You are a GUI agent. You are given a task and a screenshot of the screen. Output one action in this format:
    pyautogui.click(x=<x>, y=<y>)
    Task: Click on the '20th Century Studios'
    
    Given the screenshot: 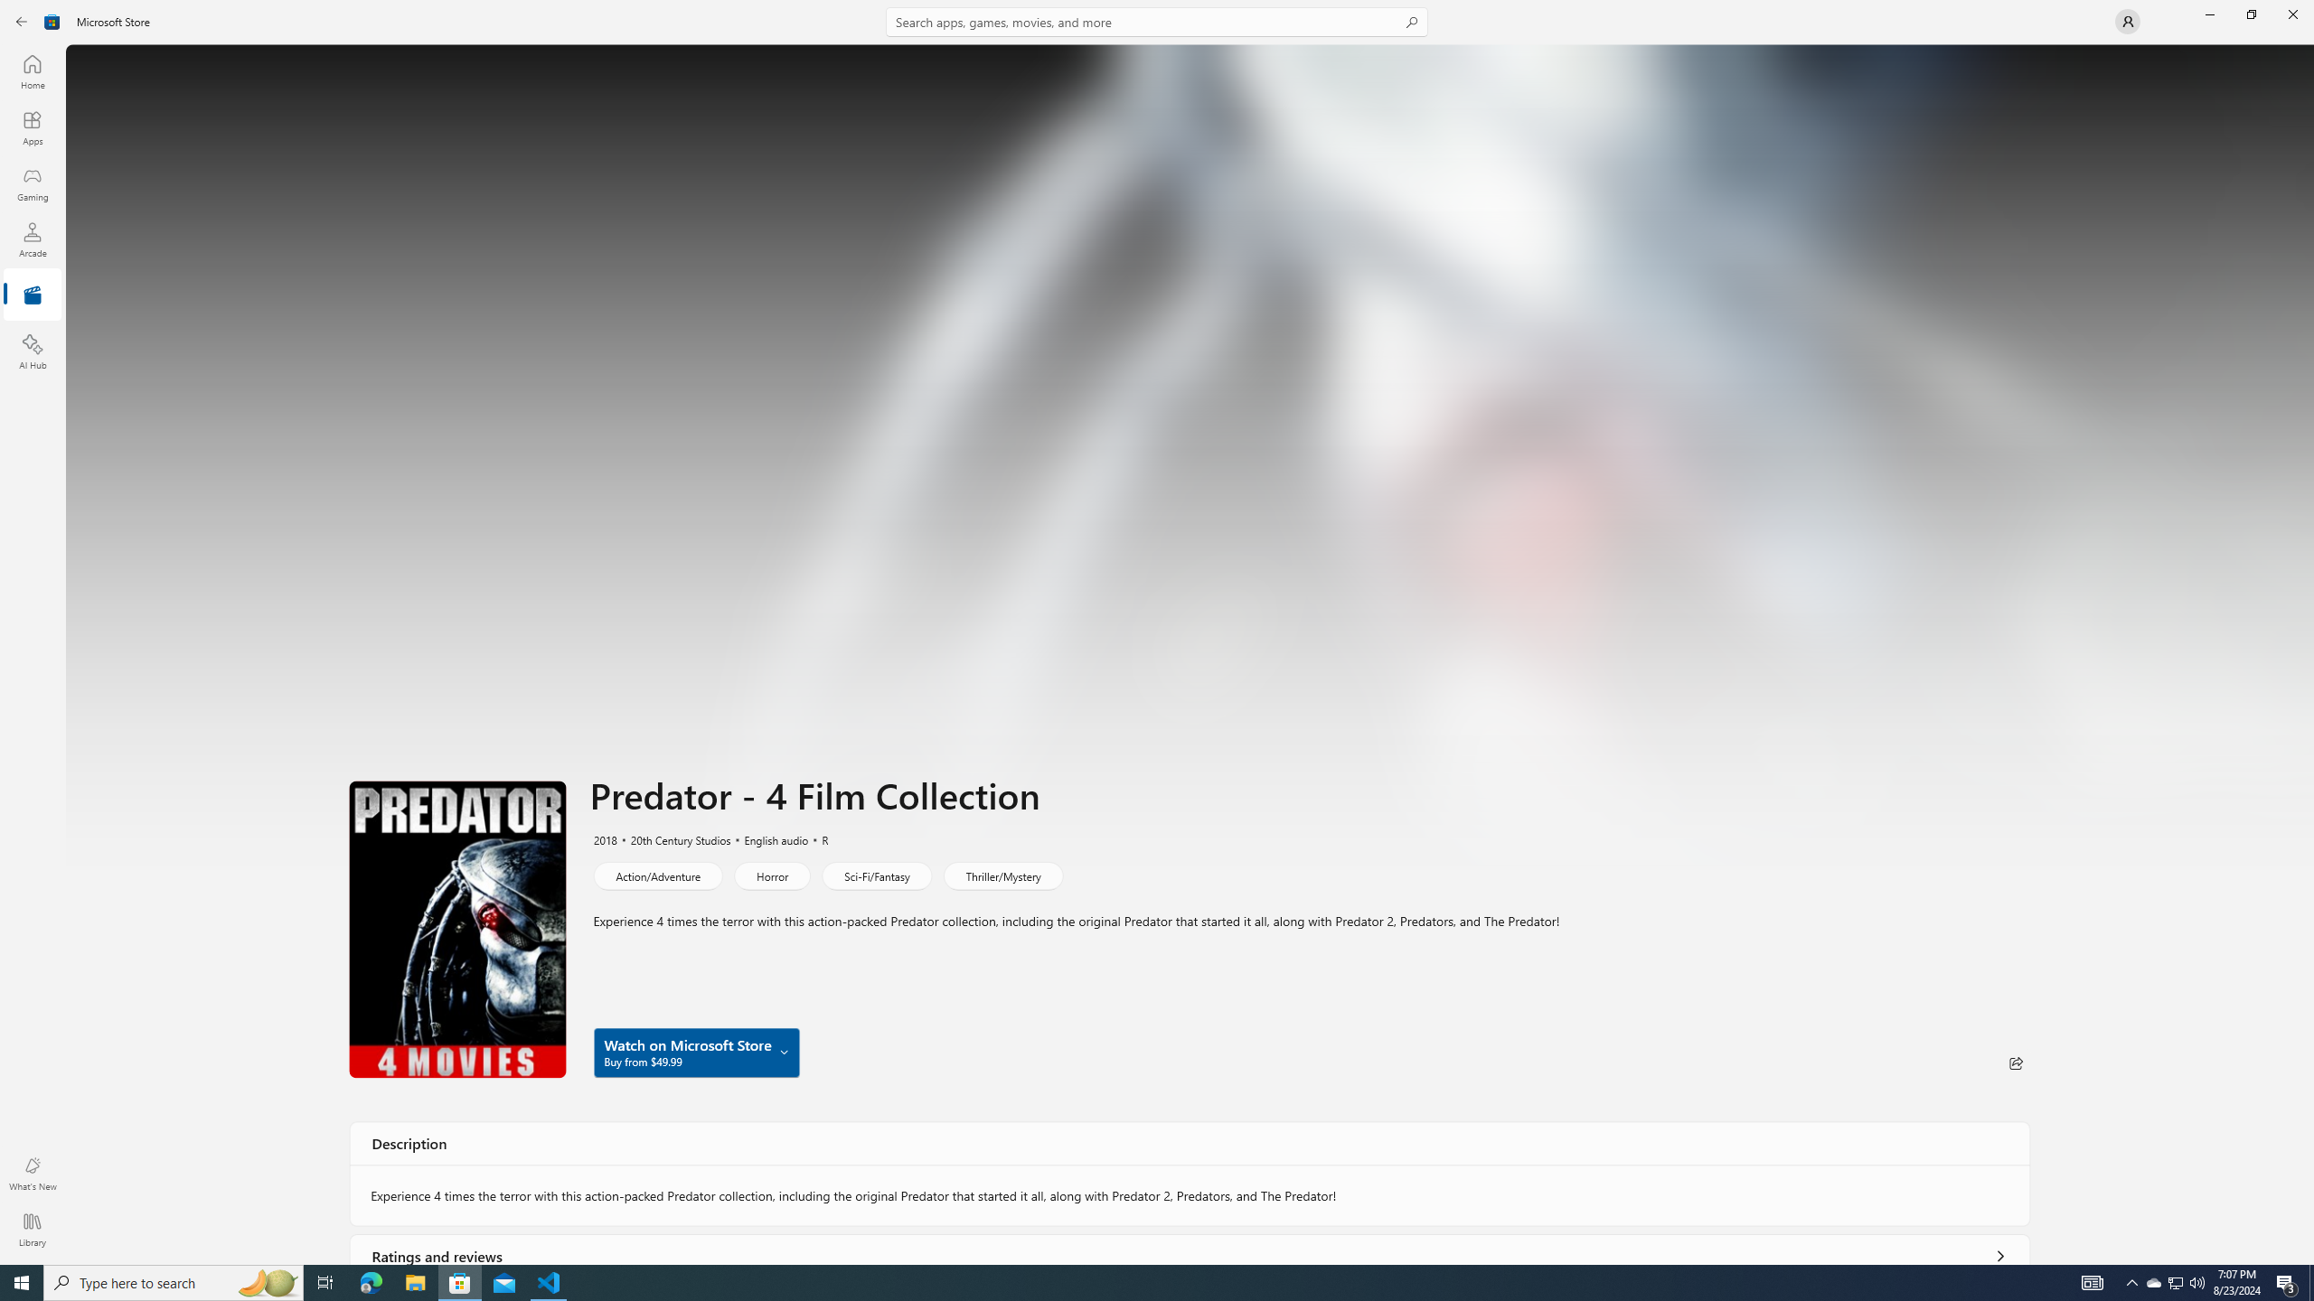 What is the action you would take?
    pyautogui.click(x=671, y=838)
    